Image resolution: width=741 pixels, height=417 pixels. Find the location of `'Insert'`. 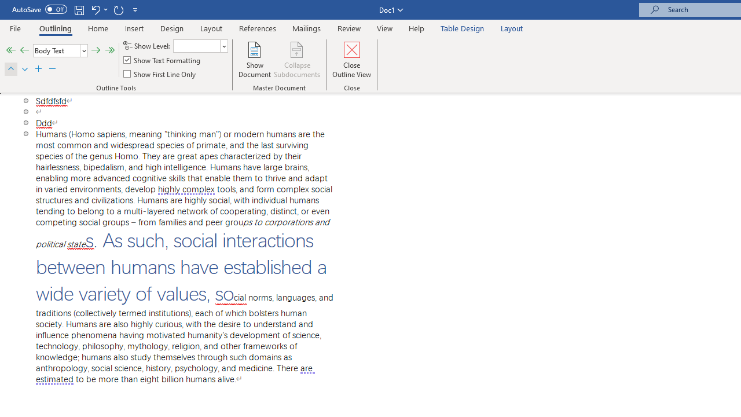

'Insert' is located at coordinates (134, 28).